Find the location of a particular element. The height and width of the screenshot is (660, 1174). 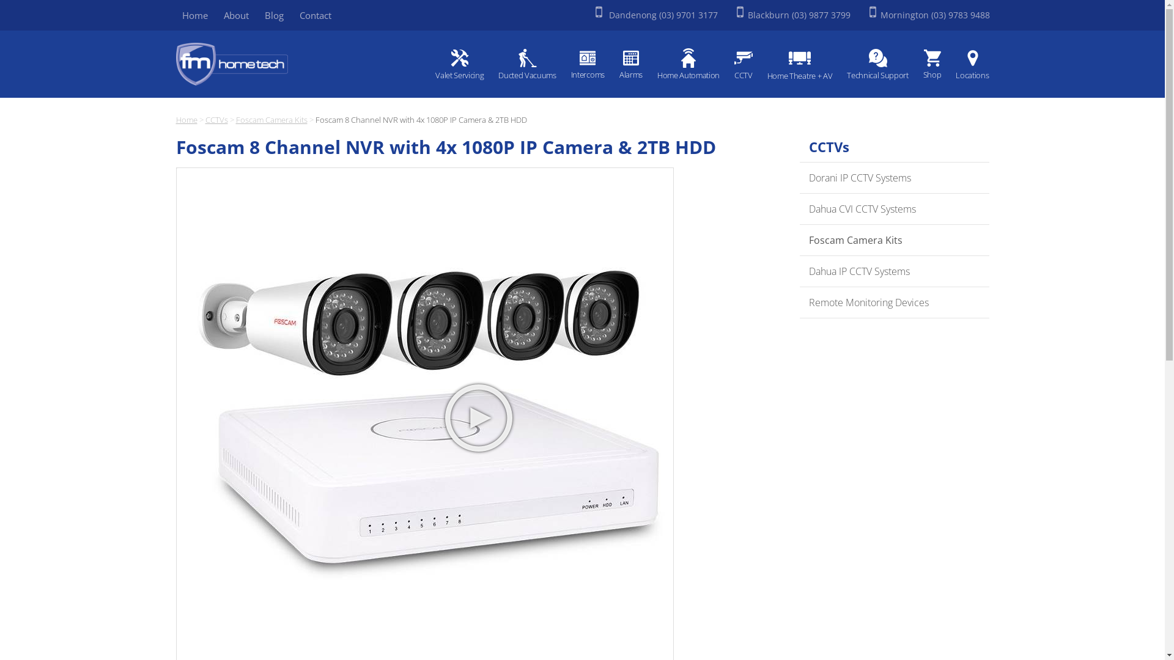

'Blog' is located at coordinates (273, 15).